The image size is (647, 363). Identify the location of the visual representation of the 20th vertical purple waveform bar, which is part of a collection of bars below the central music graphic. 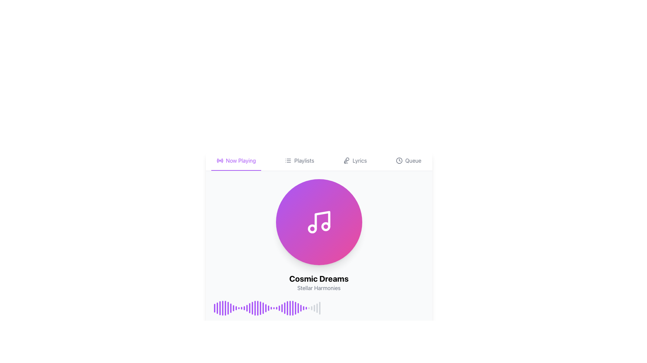
(265, 308).